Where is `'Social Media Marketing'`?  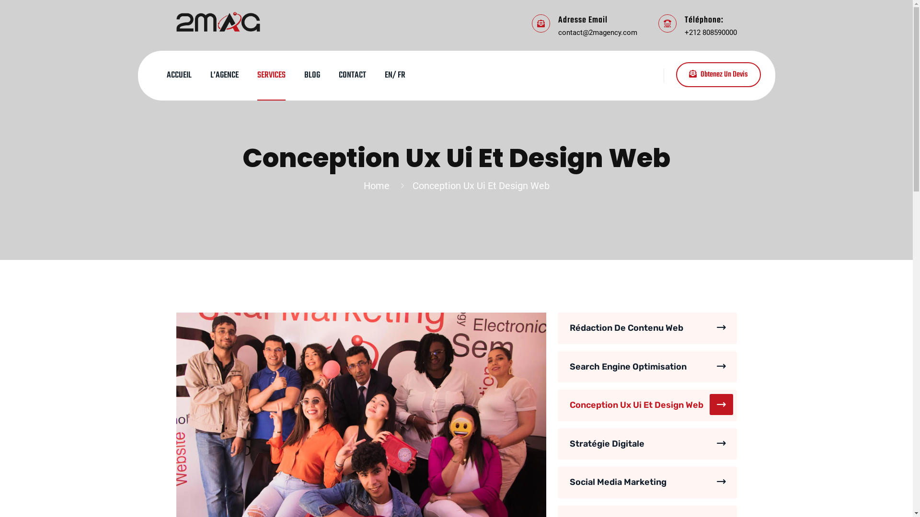
'Social Media Marketing' is located at coordinates (647, 482).